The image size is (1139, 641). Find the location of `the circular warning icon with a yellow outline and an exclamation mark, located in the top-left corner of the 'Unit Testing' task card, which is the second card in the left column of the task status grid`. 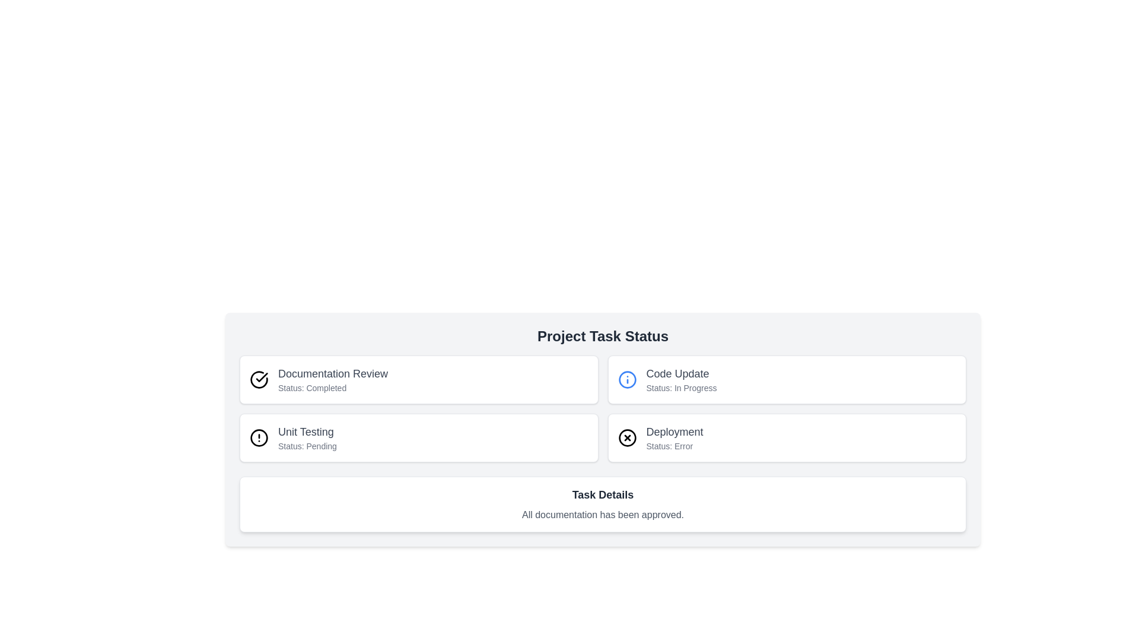

the circular warning icon with a yellow outline and an exclamation mark, located in the top-left corner of the 'Unit Testing' task card, which is the second card in the left column of the task status grid is located at coordinates (258, 437).